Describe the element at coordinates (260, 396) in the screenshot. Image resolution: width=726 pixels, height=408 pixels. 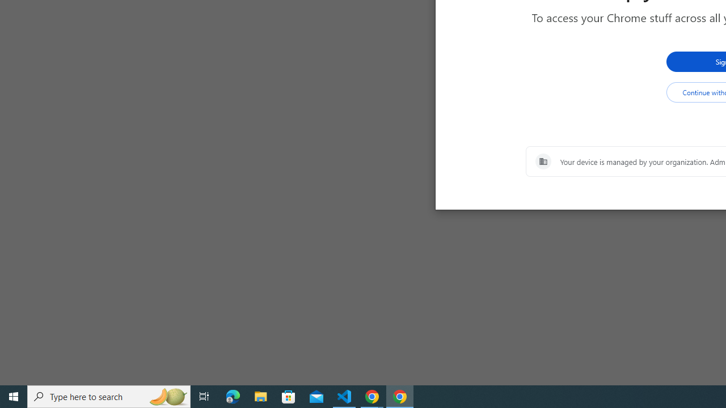
I see `'File Explorer'` at that location.